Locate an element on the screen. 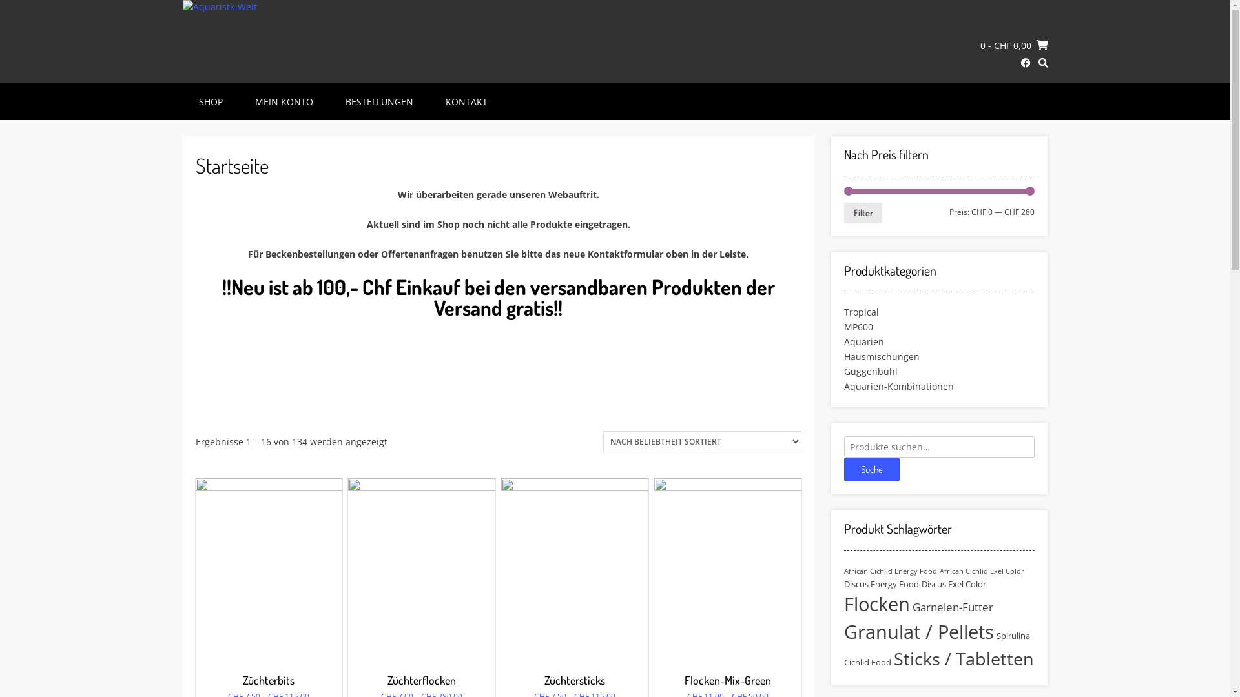 This screenshot has height=697, width=1240. 'African Cichlid Exel Color' is located at coordinates (939, 570).